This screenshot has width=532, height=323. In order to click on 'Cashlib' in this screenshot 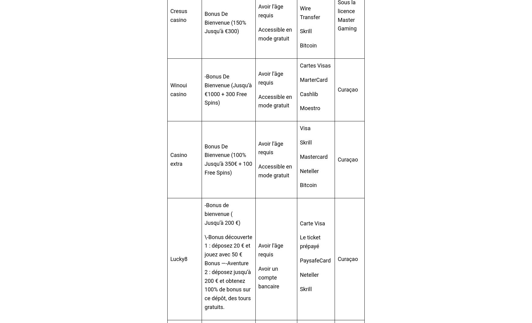, I will do `click(309, 93)`.